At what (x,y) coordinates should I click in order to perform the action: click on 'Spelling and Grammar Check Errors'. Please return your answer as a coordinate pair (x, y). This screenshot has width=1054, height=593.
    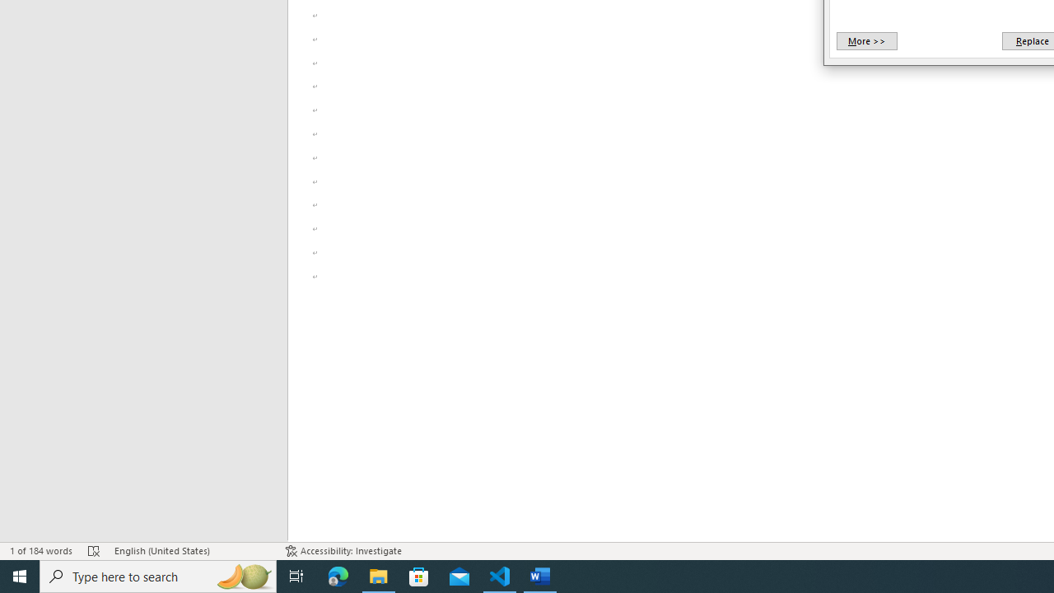
    Looking at the image, I should click on (93, 551).